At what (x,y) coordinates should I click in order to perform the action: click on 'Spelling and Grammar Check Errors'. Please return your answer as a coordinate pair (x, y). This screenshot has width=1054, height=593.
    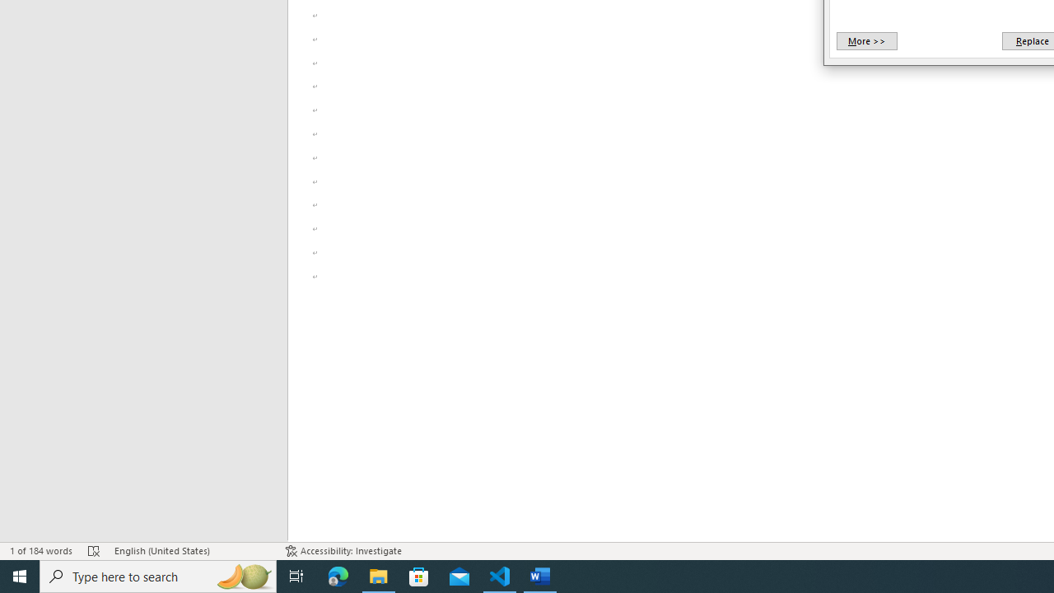
    Looking at the image, I should click on (93, 551).